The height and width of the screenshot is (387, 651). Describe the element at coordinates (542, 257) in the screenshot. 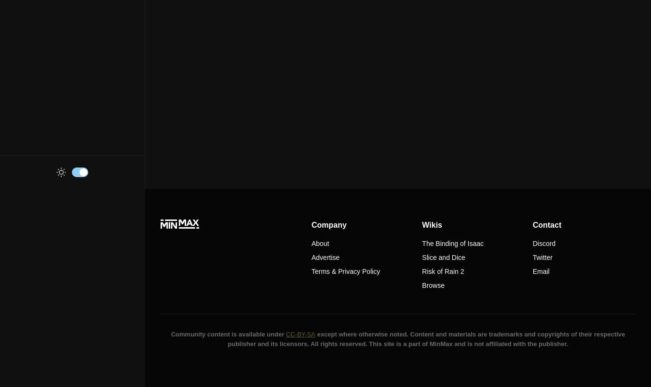

I see `'Twitter'` at that location.